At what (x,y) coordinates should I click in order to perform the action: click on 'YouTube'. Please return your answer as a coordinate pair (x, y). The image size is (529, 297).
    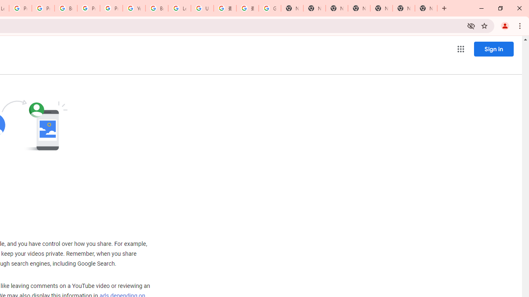
    Looking at the image, I should click on (134, 8).